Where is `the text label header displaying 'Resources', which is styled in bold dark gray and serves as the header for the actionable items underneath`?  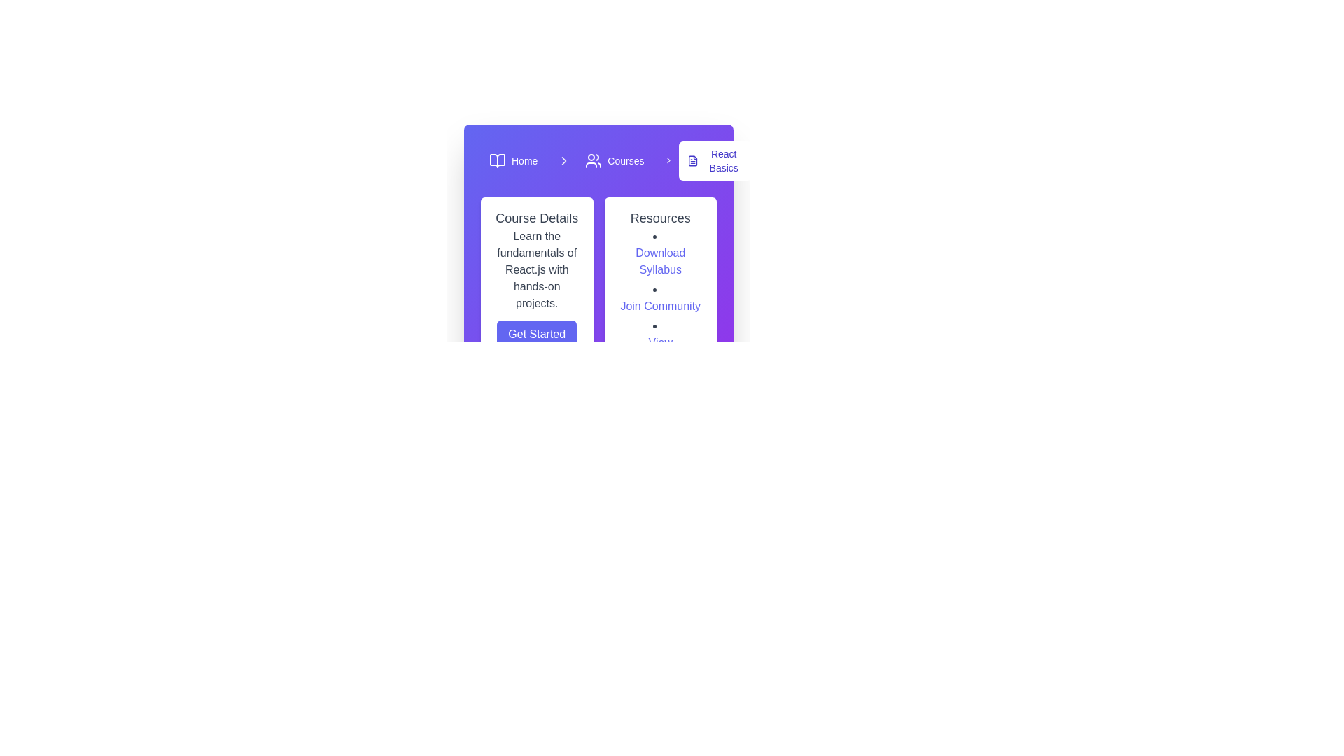 the text label header displaying 'Resources', which is styled in bold dark gray and serves as the header for the actionable items underneath is located at coordinates (659, 218).